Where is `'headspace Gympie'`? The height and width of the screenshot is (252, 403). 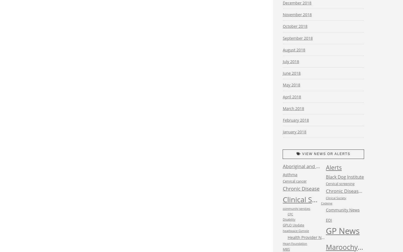
'headspace Gympie' is located at coordinates (283, 230).